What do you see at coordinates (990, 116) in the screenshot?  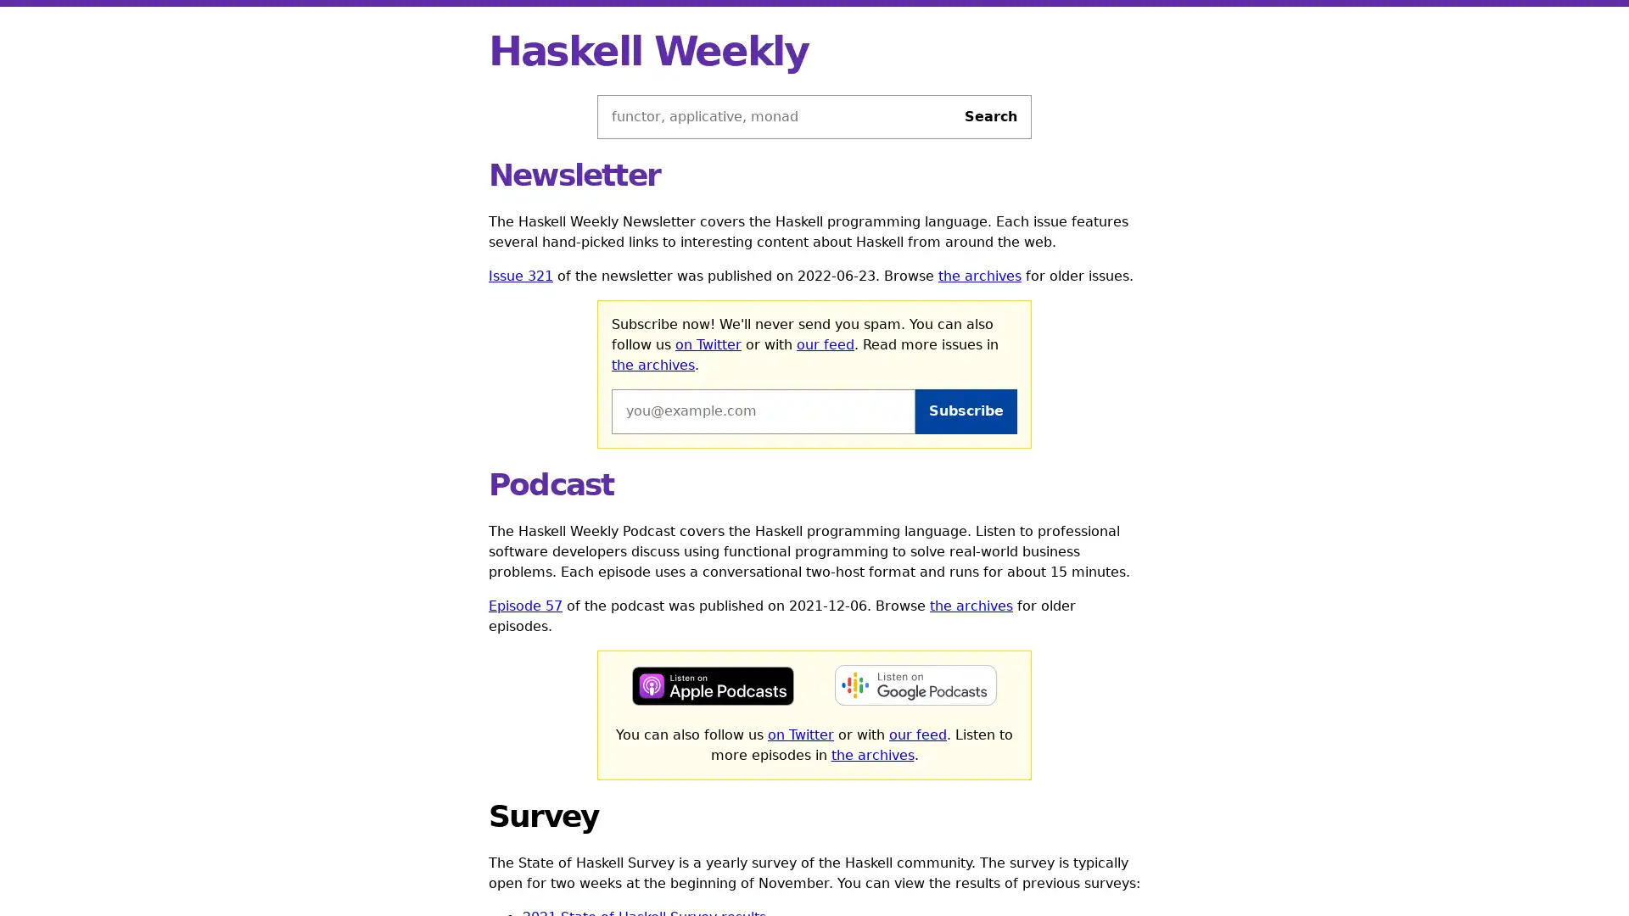 I see `Search` at bounding box center [990, 116].